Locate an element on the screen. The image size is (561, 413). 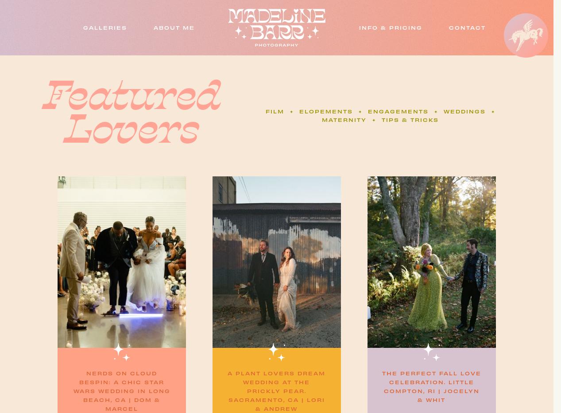
'Galleries' is located at coordinates (82, 27).